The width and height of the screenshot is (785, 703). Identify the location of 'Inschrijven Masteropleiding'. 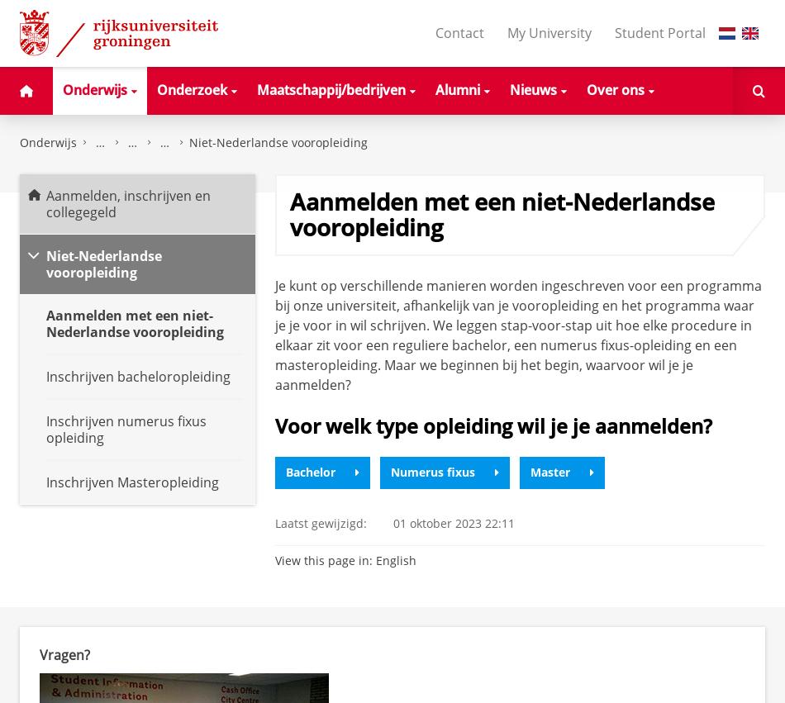
(132, 482).